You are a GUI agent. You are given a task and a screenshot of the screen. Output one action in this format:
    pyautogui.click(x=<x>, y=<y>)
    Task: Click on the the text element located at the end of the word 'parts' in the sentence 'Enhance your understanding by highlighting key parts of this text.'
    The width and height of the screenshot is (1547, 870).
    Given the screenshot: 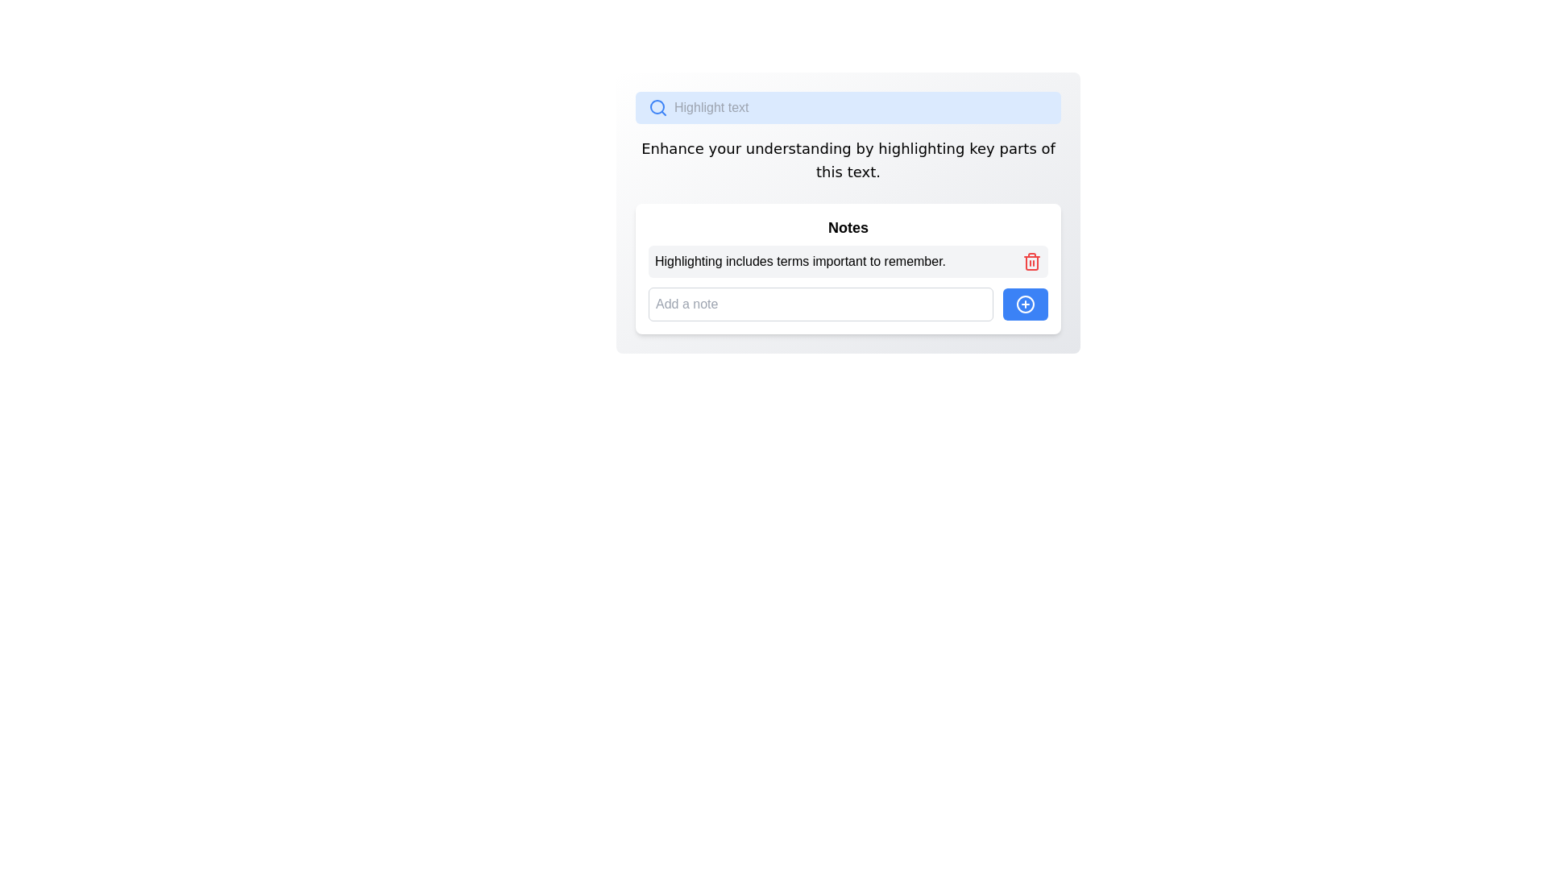 What is the action you would take?
    pyautogui.click(x=1019, y=148)
    